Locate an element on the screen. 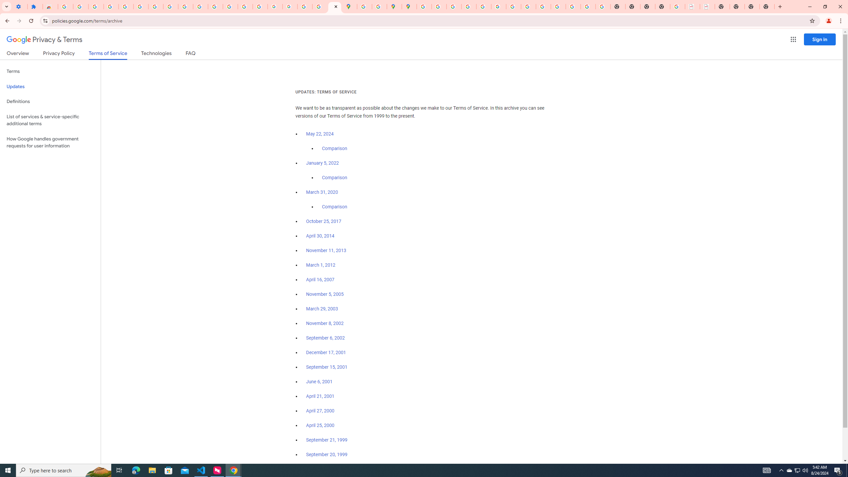 The height and width of the screenshot is (477, 848). 'March 29, 2003' is located at coordinates (322, 309).